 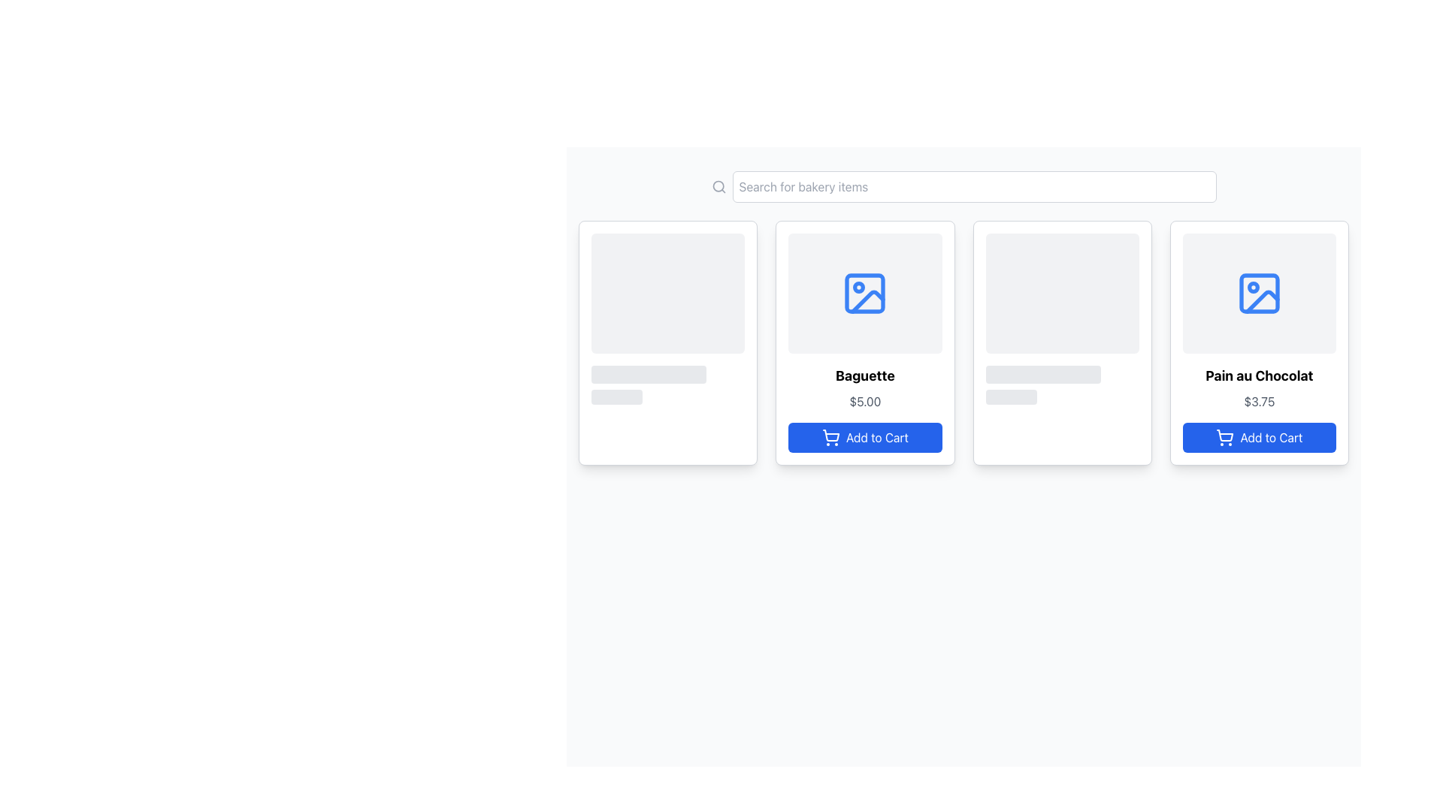 What do you see at coordinates (865, 293) in the screenshot?
I see `the Image Placeholder that serves as a product image in the card layout, positioned above the text elements and 'Add to Cart' button` at bounding box center [865, 293].